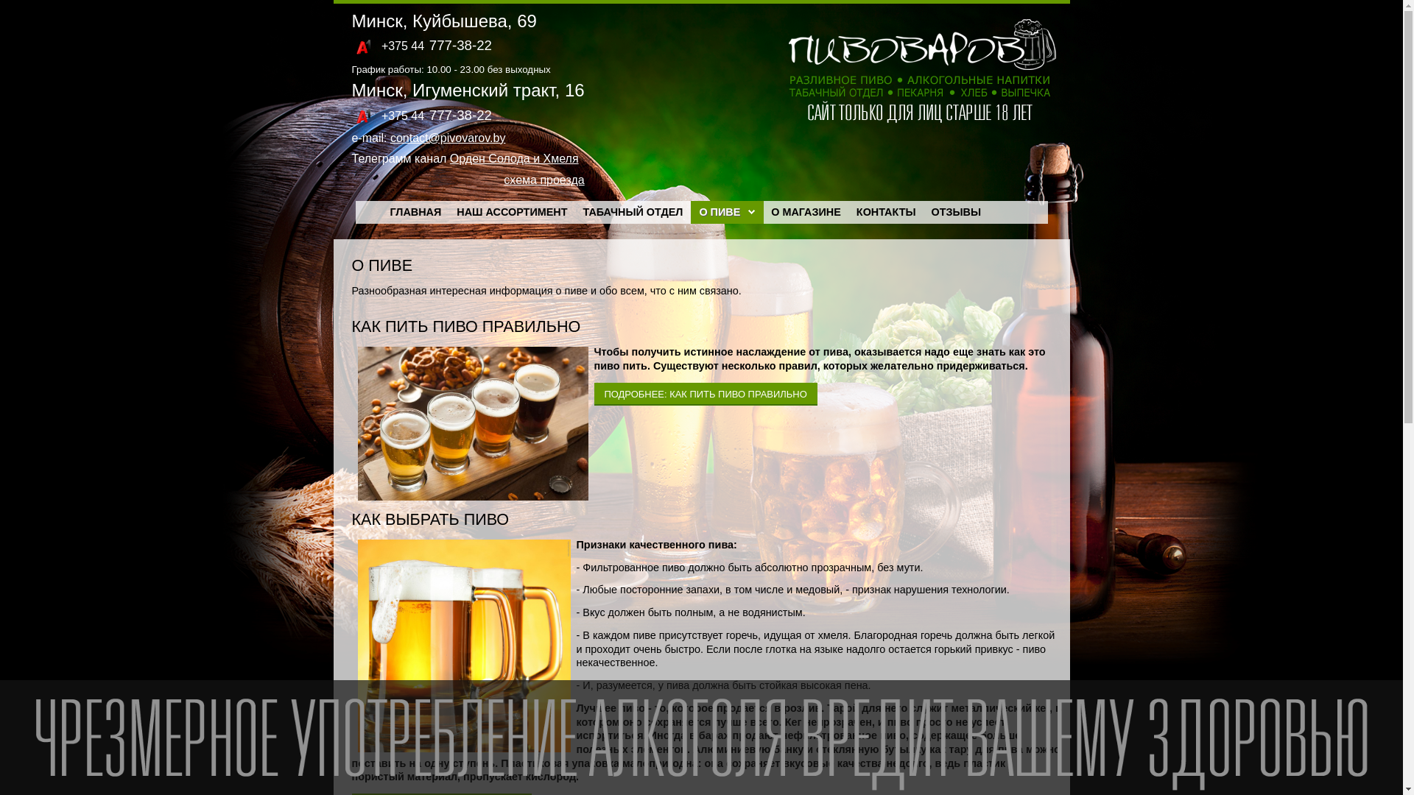 The height and width of the screenshot is (795, 1414). Describe the element at coordinates (390, 138) in the screenshot. I see `'contact@pivovarov.by'` at that location.